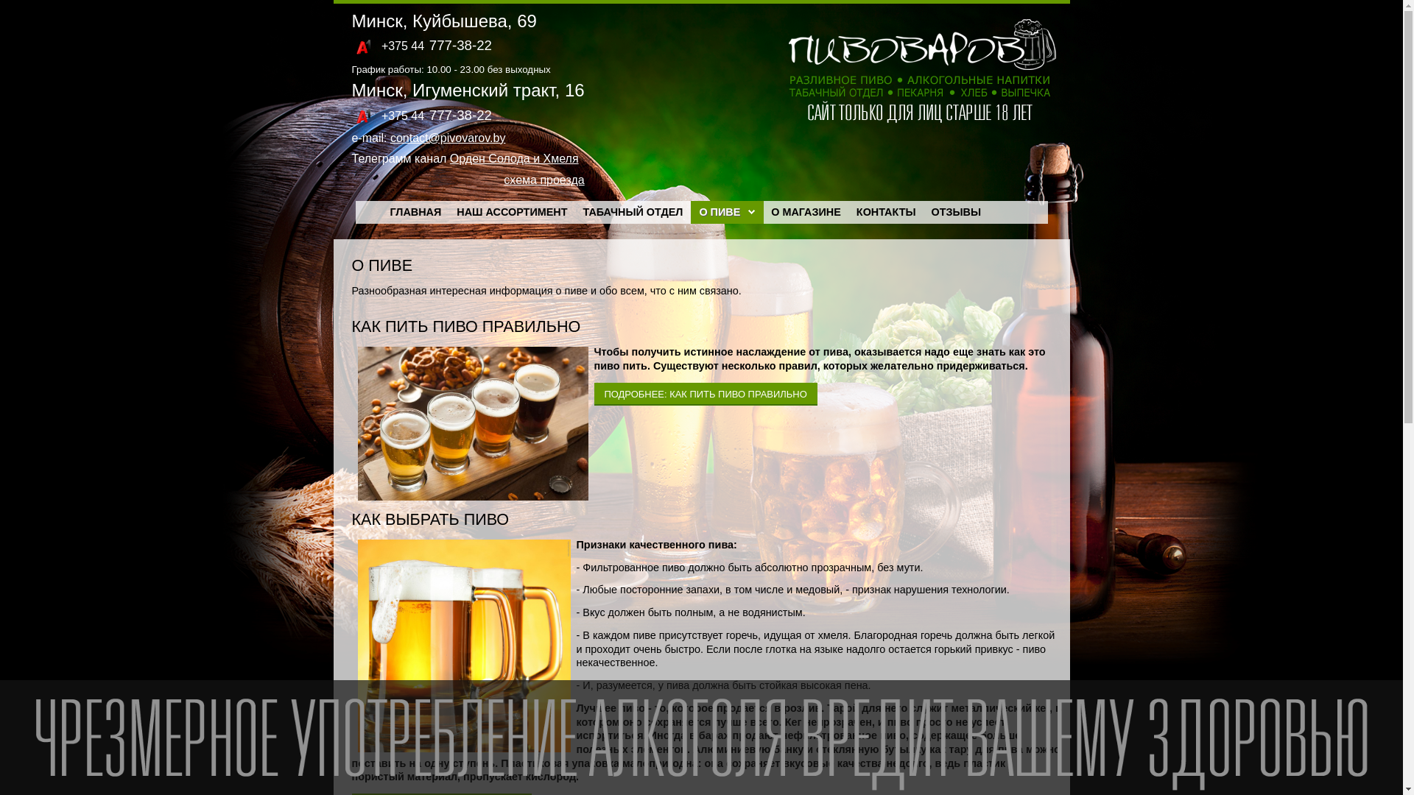 The height and width of the screenshot is (795, 1414). Describe the element at coordinates (390, 138) in the screenshot. I see `'contact@pivovarov.by'` at that location.